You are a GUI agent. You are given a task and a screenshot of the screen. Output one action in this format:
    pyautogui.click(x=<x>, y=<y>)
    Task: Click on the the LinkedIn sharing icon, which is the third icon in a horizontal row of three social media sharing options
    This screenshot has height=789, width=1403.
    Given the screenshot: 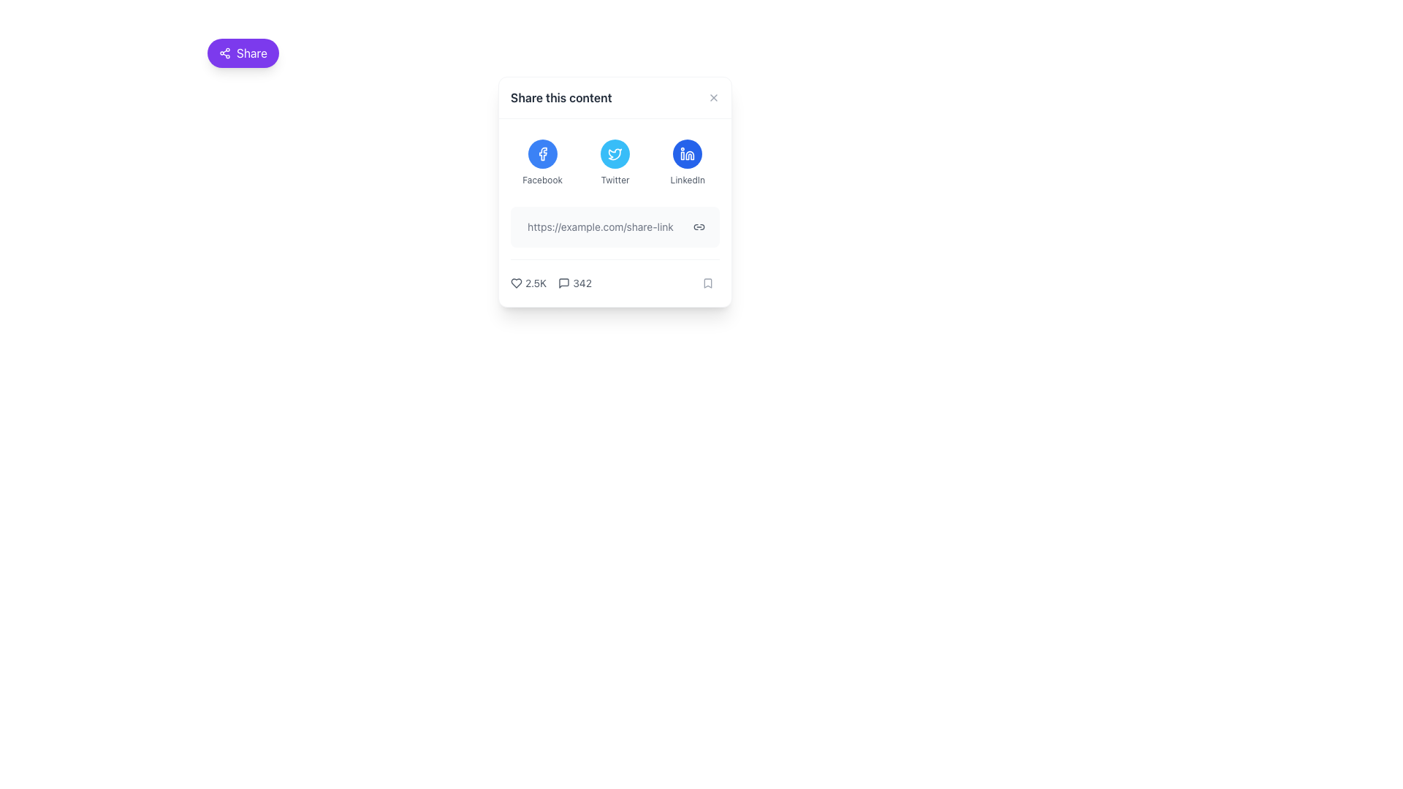 What is the action you would take?
    pyautogui.click(x=687, y=154)
    